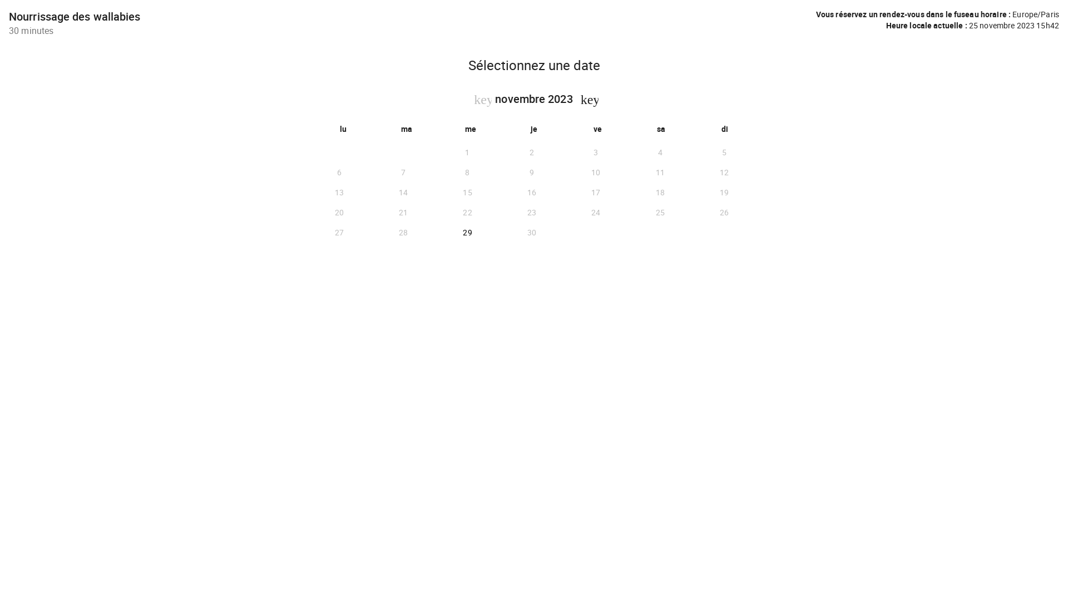  What do you see at coordinates (724, 192) in the screenshot?
I see `'19'` at bounding box center [724, 192].